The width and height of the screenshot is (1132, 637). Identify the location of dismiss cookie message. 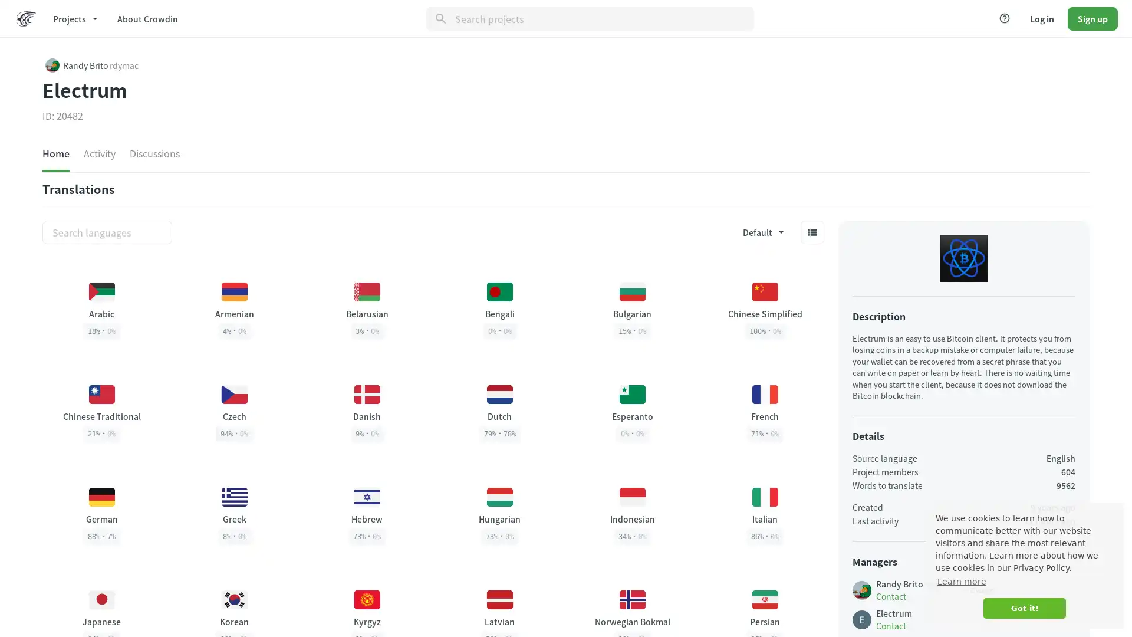
(1024, 608).